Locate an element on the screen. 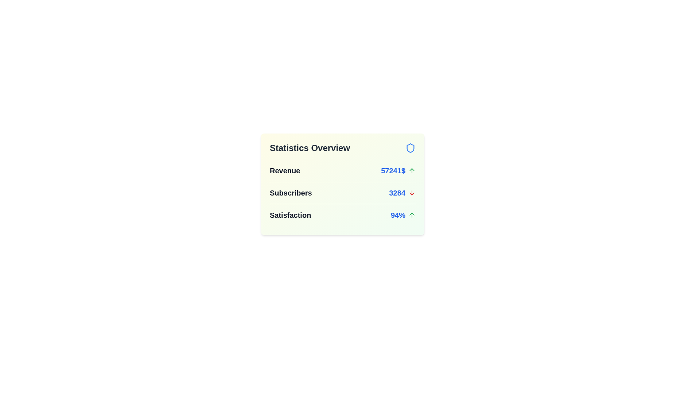  the numeric value 94% to select it is located at coordinates (397, 215).